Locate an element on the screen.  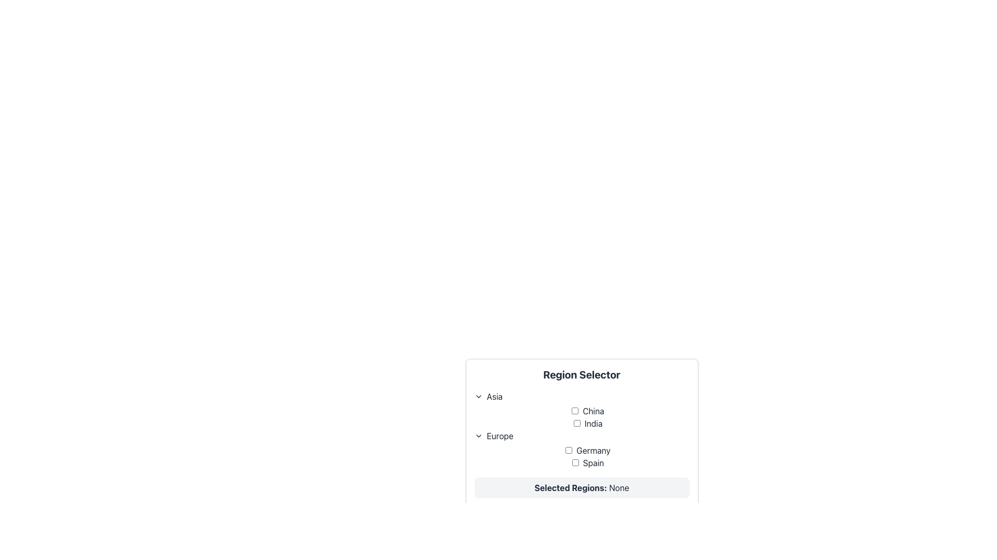
the checkbox next to 'Germany' in the 'Region Selector' interface is located at coordinates (582, 456).